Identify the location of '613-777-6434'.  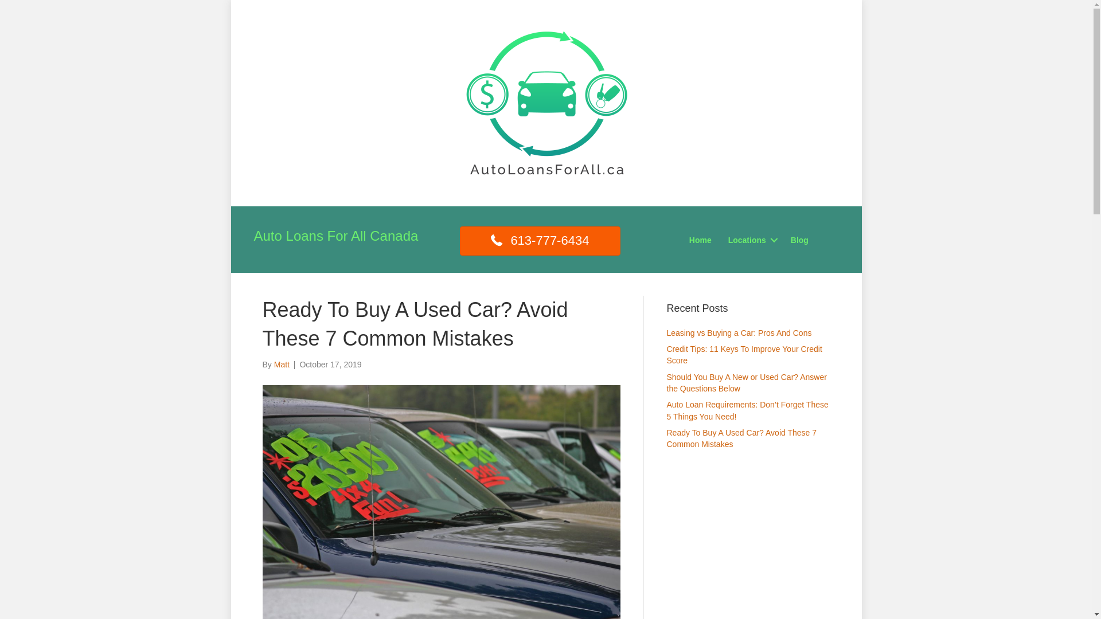
(539, 240).